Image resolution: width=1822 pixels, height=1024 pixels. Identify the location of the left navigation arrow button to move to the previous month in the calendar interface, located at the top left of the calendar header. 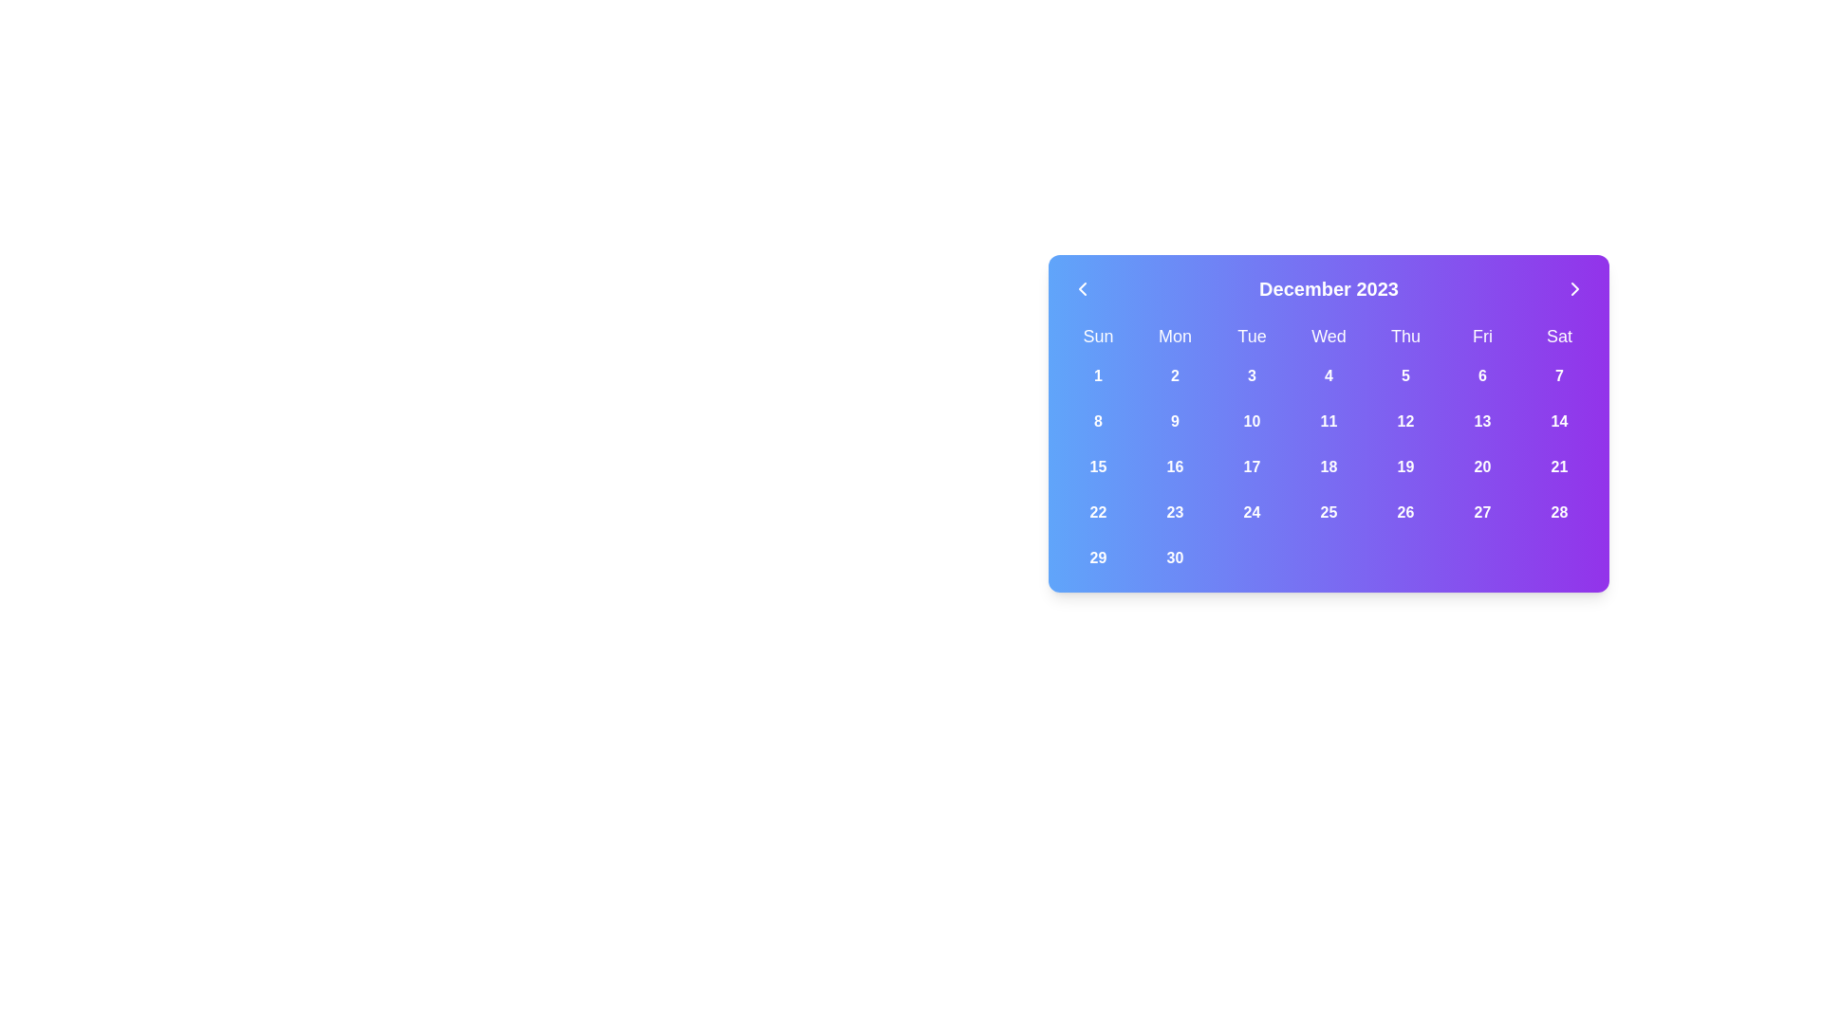
(1083, 288).